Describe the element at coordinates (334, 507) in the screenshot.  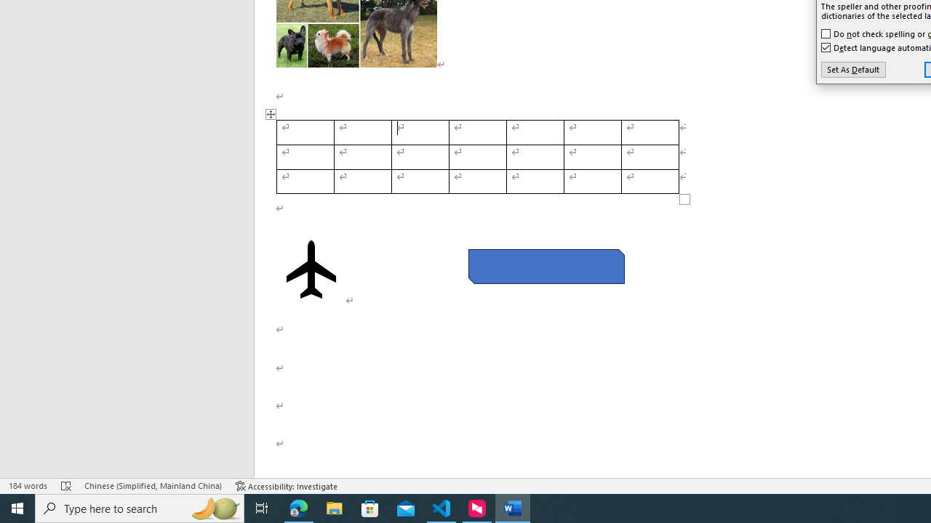
I see `'File Explorer'` at that location.